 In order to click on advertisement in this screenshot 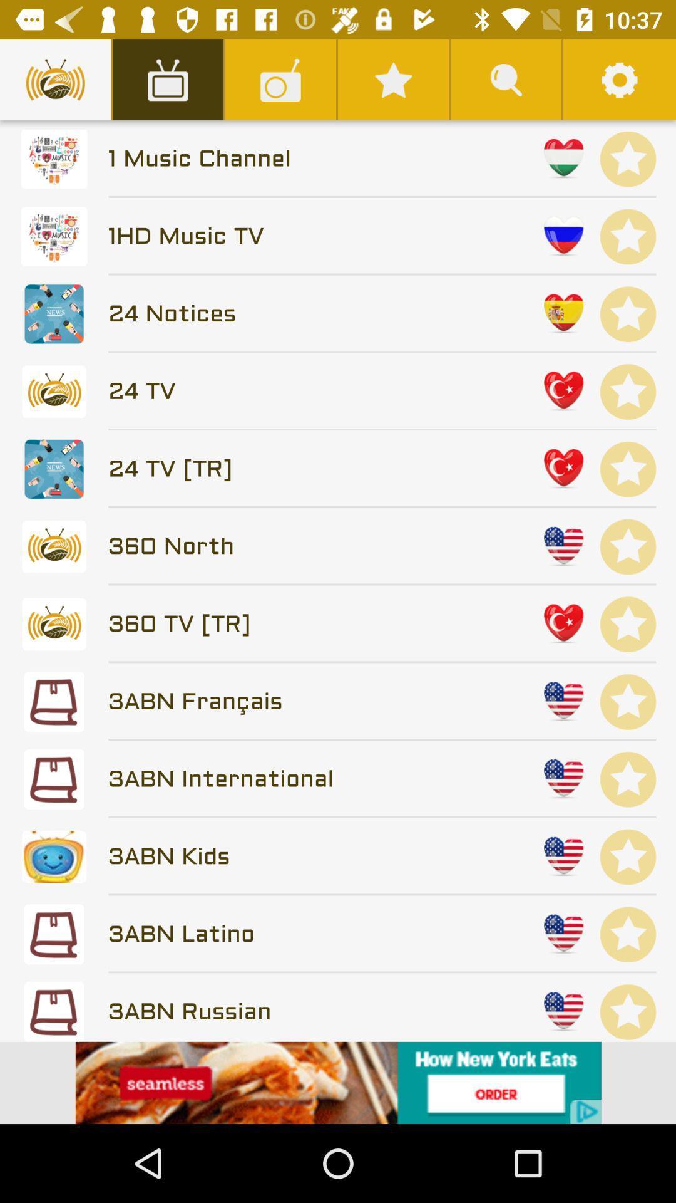, I will do `click(338, 1082)`.